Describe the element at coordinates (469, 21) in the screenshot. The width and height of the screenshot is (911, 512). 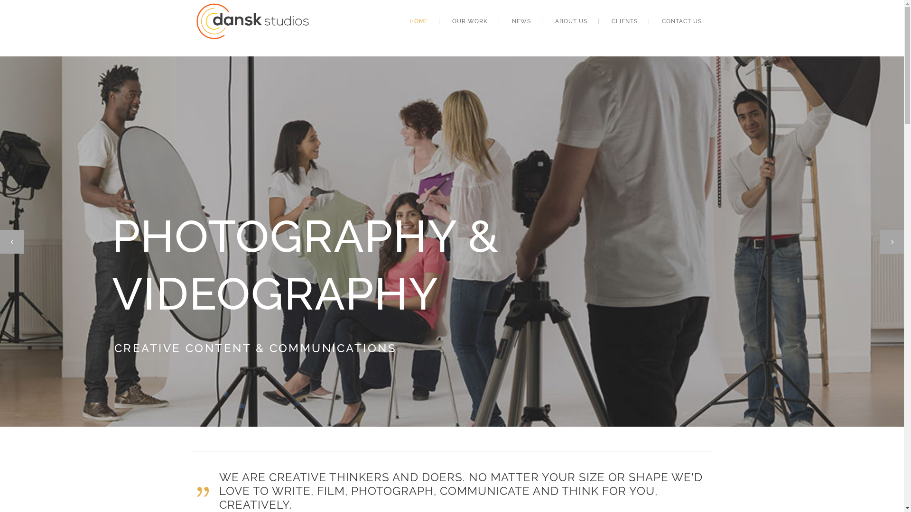
I see `'OUR WORK'` at that location.